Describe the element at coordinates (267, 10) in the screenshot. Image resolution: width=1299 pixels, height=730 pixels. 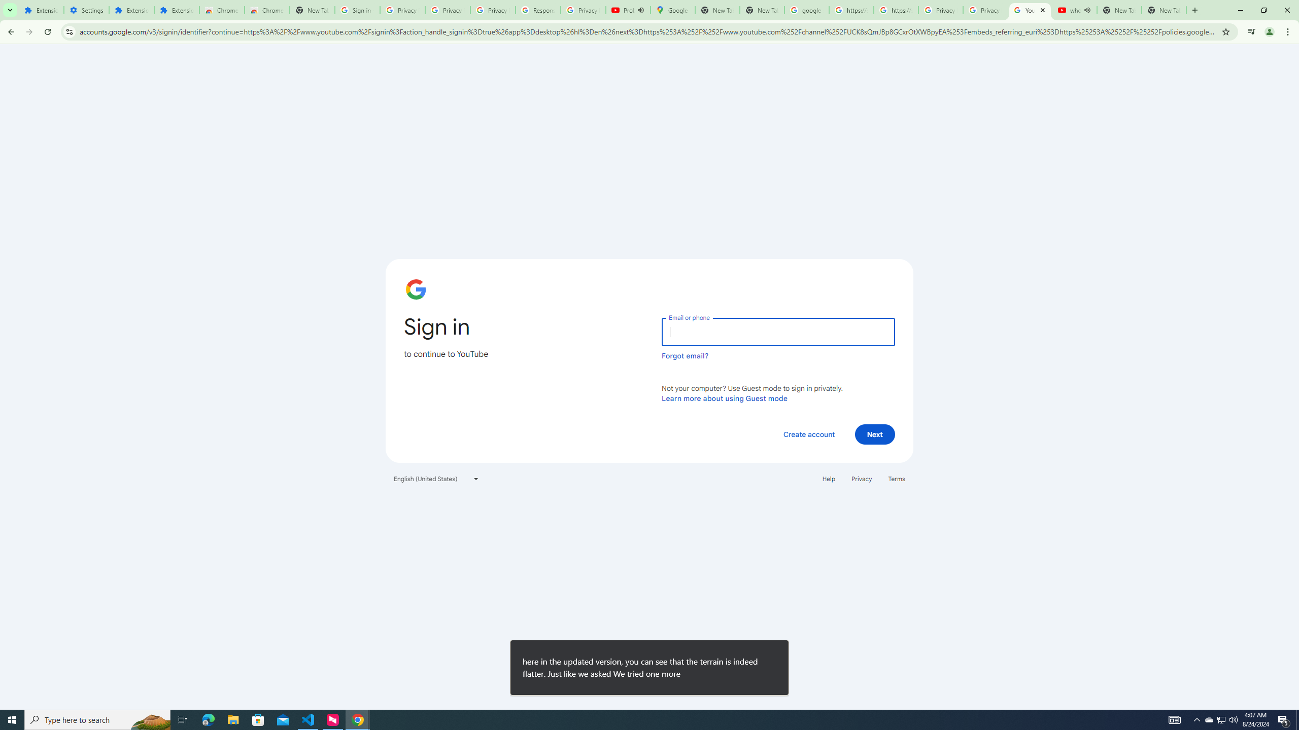
I see `'Chrome Web Store - Themes'` at that location.